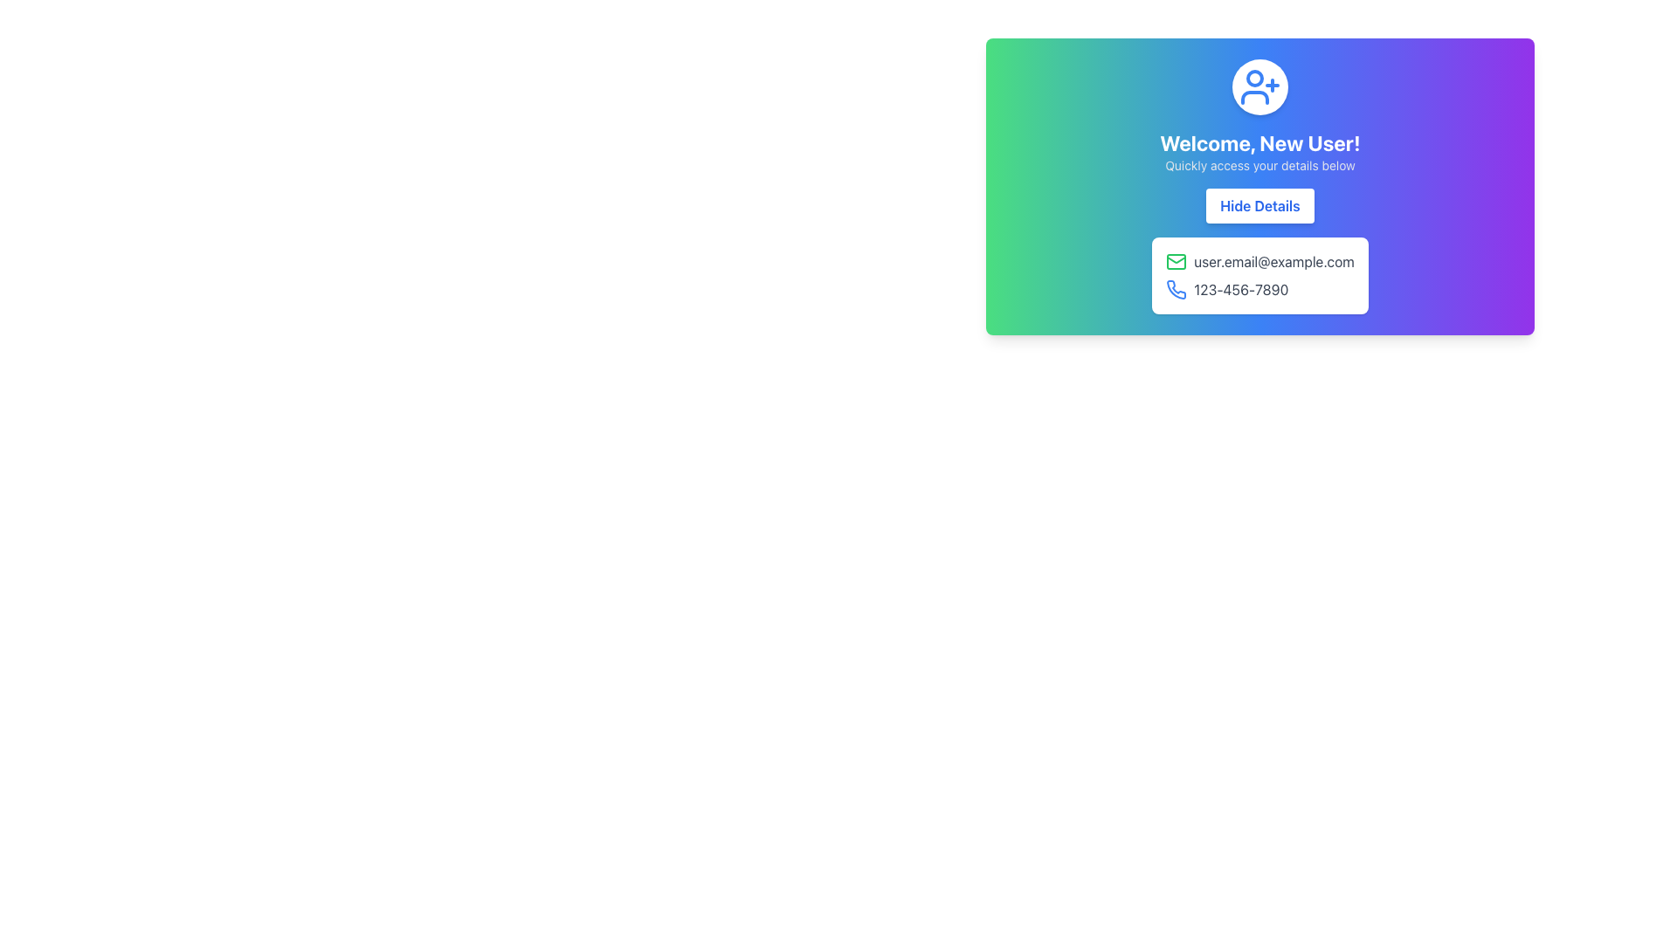 This screenshot has width=1677, height=943. Describe the element at coordinates (1177, 288) in the screenshot. I see `the telephone handset icon, which is visually represented with a blue stroke and located next to the phone number '123-456-7890' in the bottom section of a card-like component` at that location.